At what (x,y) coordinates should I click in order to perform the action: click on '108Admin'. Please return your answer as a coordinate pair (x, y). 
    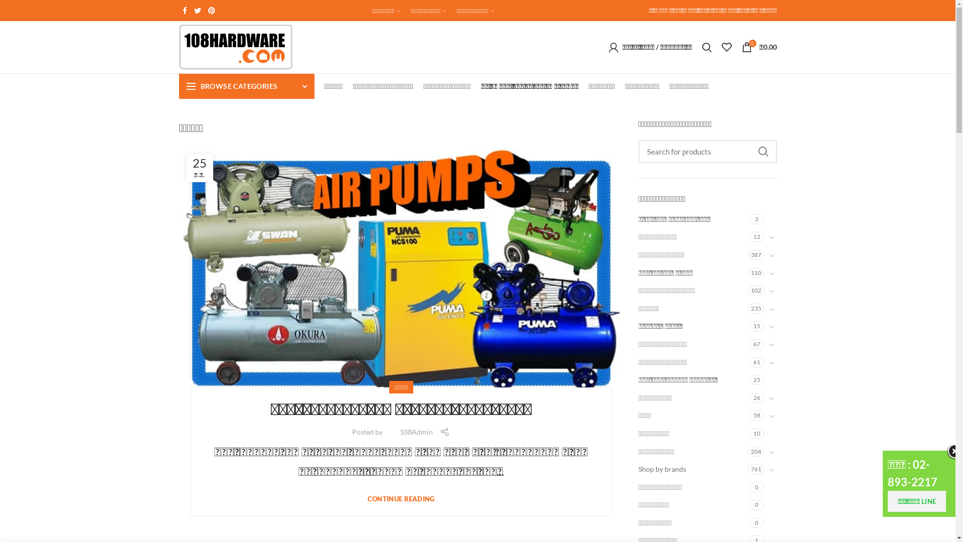
    Looking at the image, I should click on (416, 431).